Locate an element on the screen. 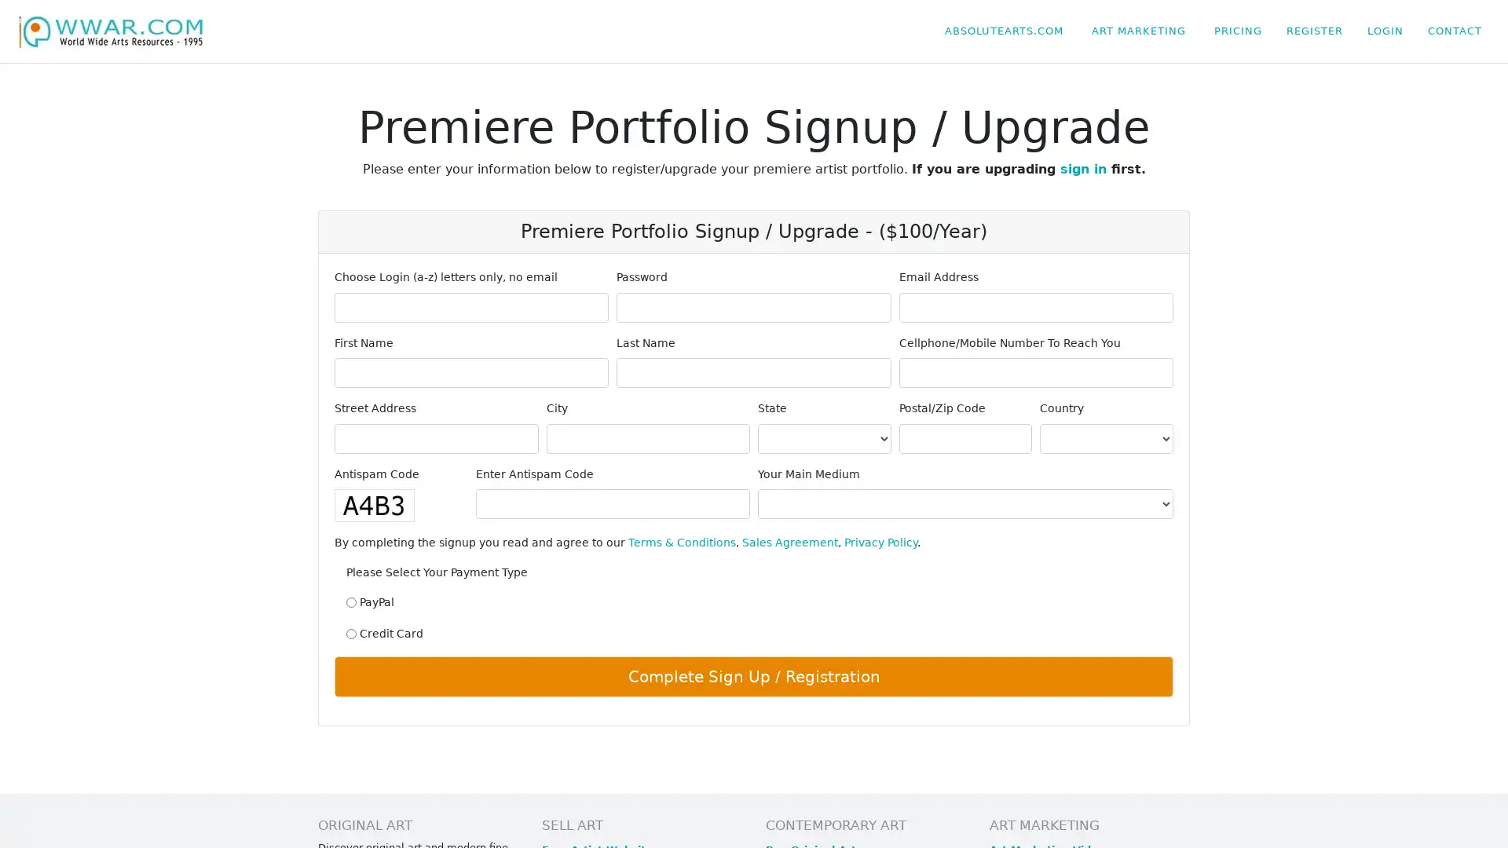  Complete Sign Up / Registration is located at coordinates (754, 675).